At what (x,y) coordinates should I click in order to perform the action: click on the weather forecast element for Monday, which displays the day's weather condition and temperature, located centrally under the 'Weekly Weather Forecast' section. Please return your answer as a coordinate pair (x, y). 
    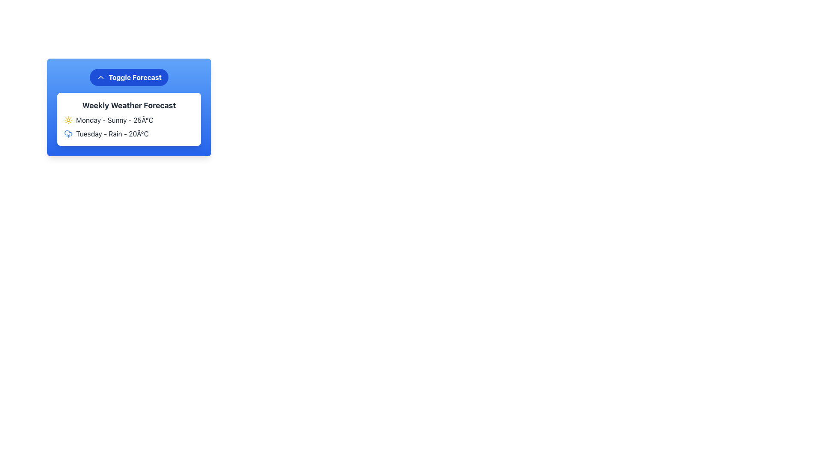
    Looking at the image, I should click on (129, 120).